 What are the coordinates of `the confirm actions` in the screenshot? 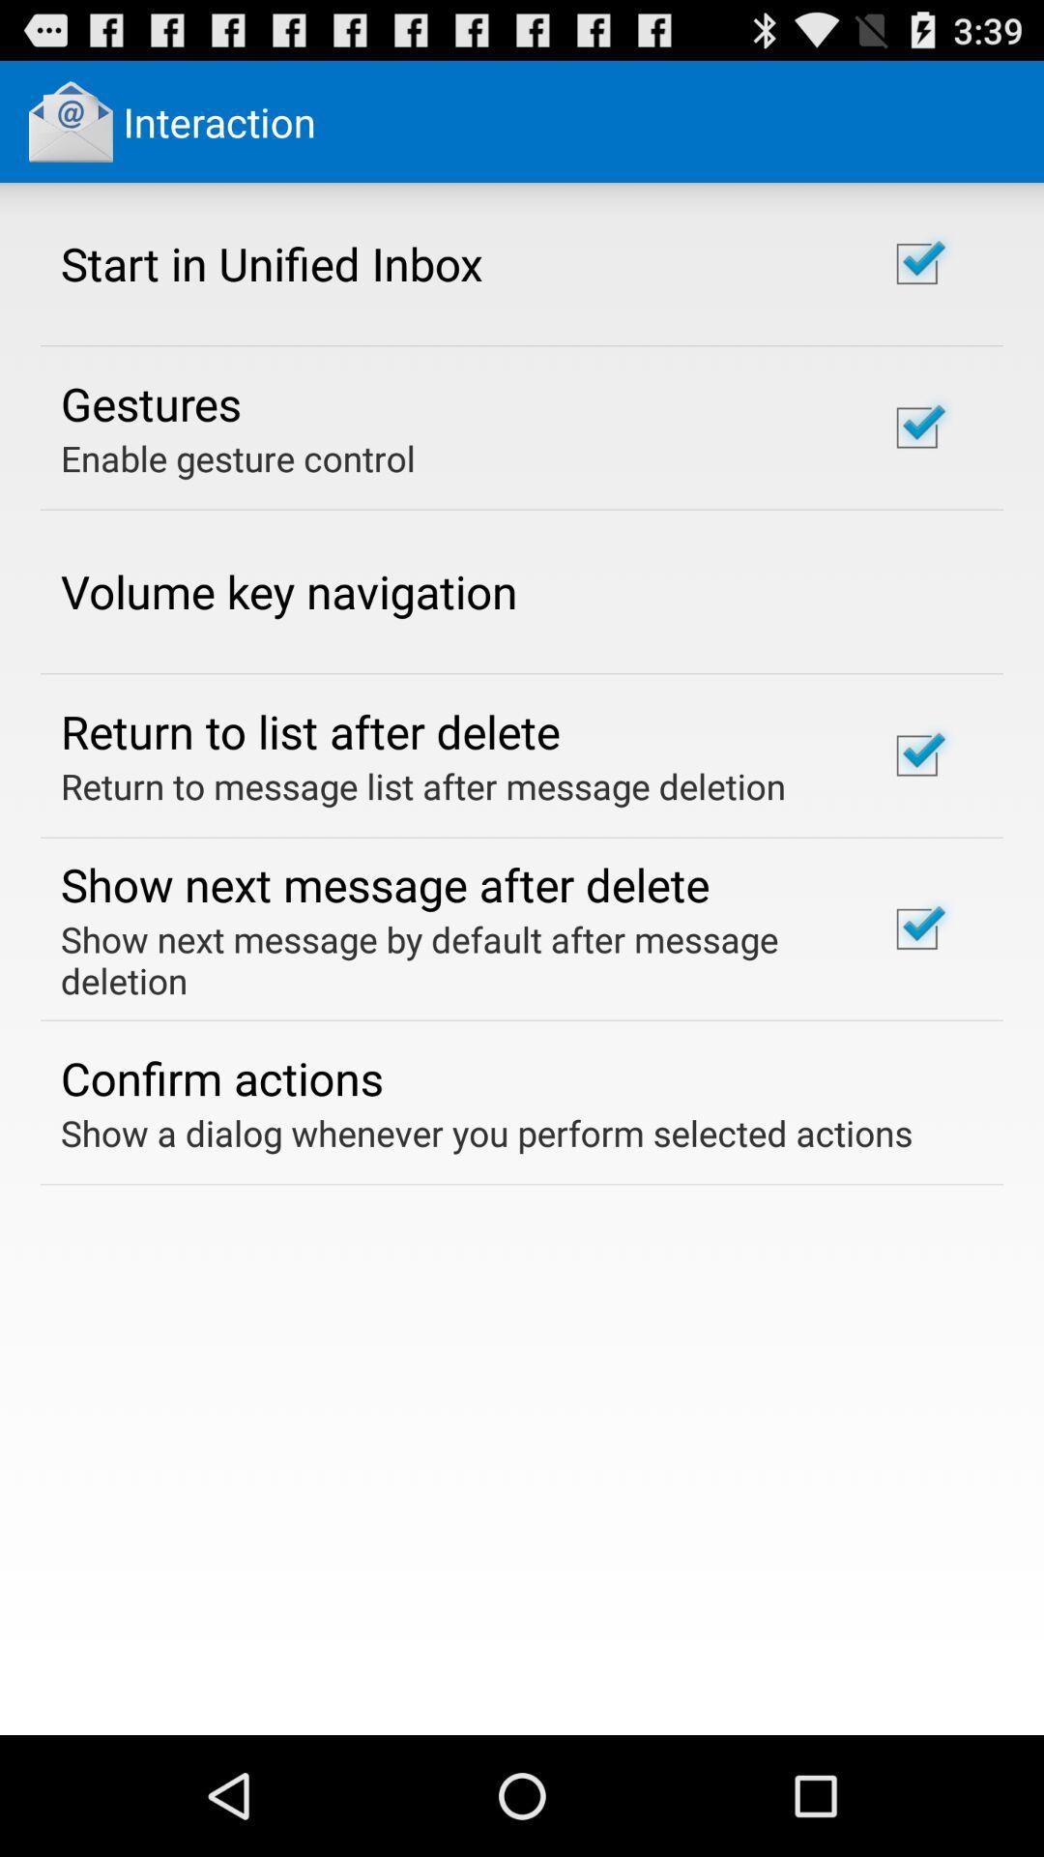 It's located at (220, 1076).